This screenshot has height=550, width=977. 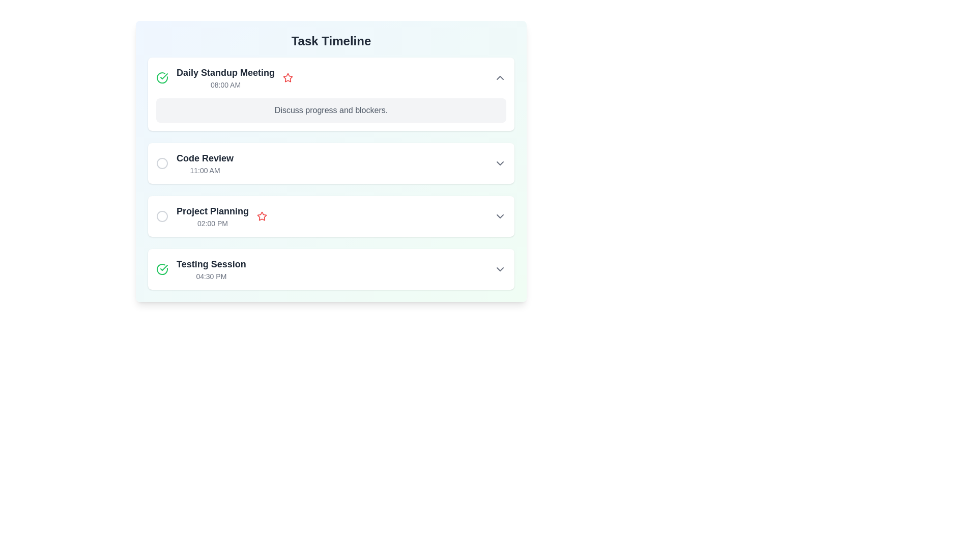 I want to click on the status indicator icon located within the 'Project Planning' task line on the task timeline interface, so click(x=161, y=215).